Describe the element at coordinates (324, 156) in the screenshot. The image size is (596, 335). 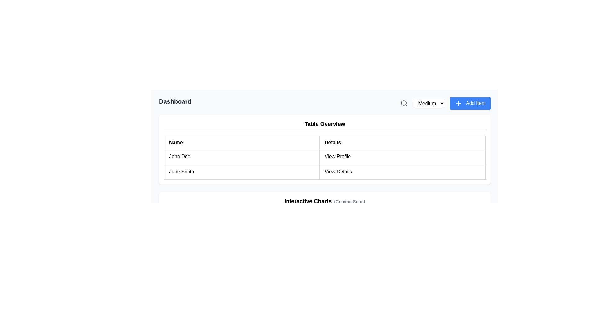
I see `the first row of the table under the 'Table Overview' header` at that location.